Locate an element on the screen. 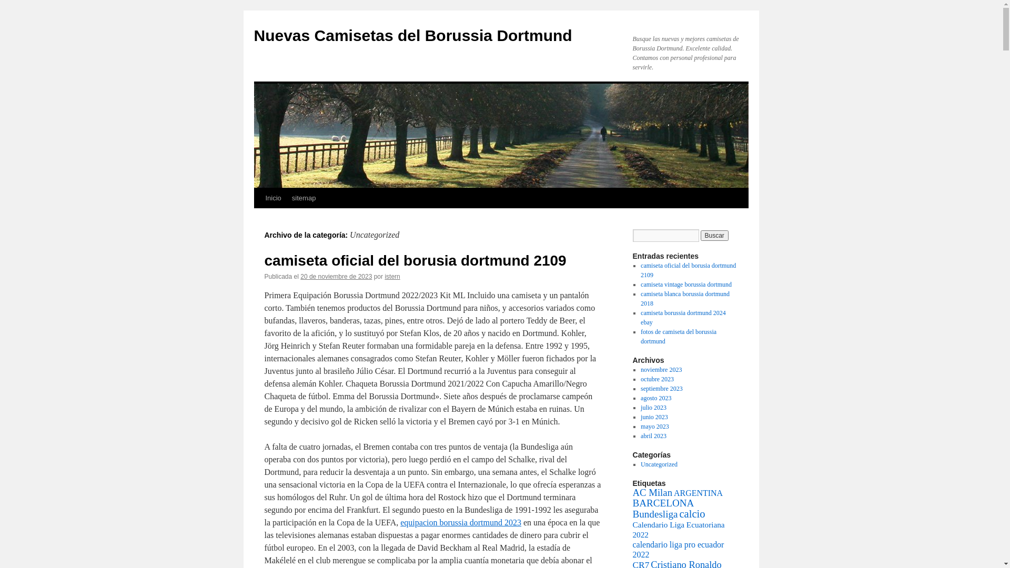 This screenshot has height=568, width=1010. 'septiembre 2023' is located at coordinates (661, 389).